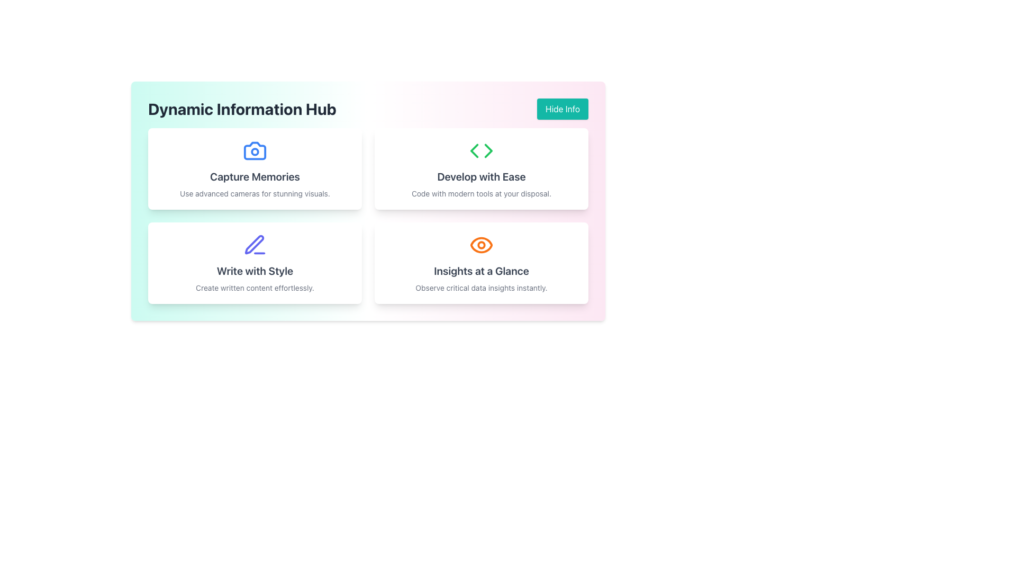 The height and width of the screenshot is (572, 1016). Describe the element at coordinates (481, 176) in the screenshot. I see `text label that states 'Develop with Ease', which is styled in bold font and is center-aligned within its card in the upper-right section of the grid` at that location.